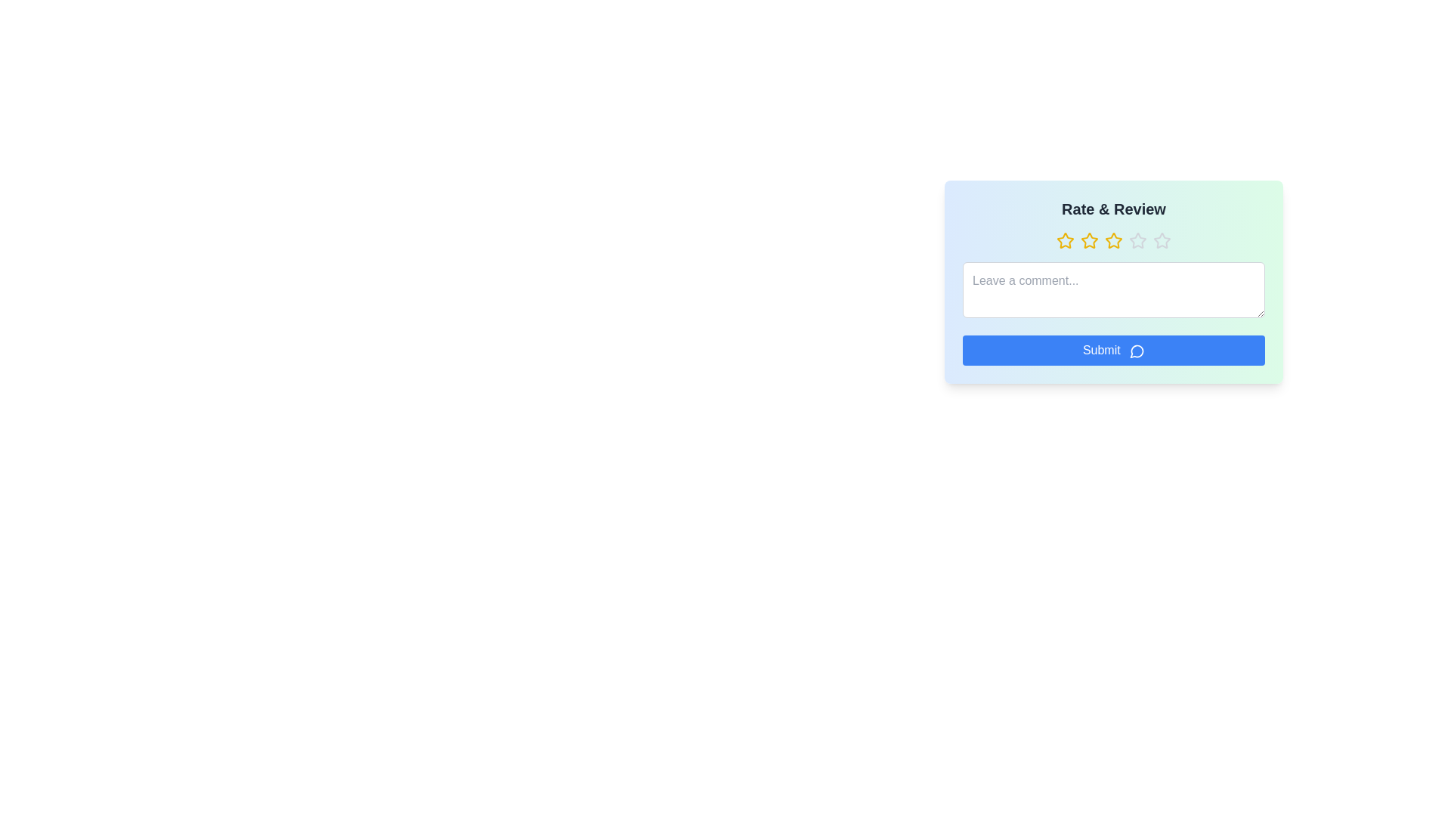  What do you see at coordinates (1138, 240) in the screenshot?
I see `the star corresponding to the desired rating value 4` at bounding box center [1138, 240].